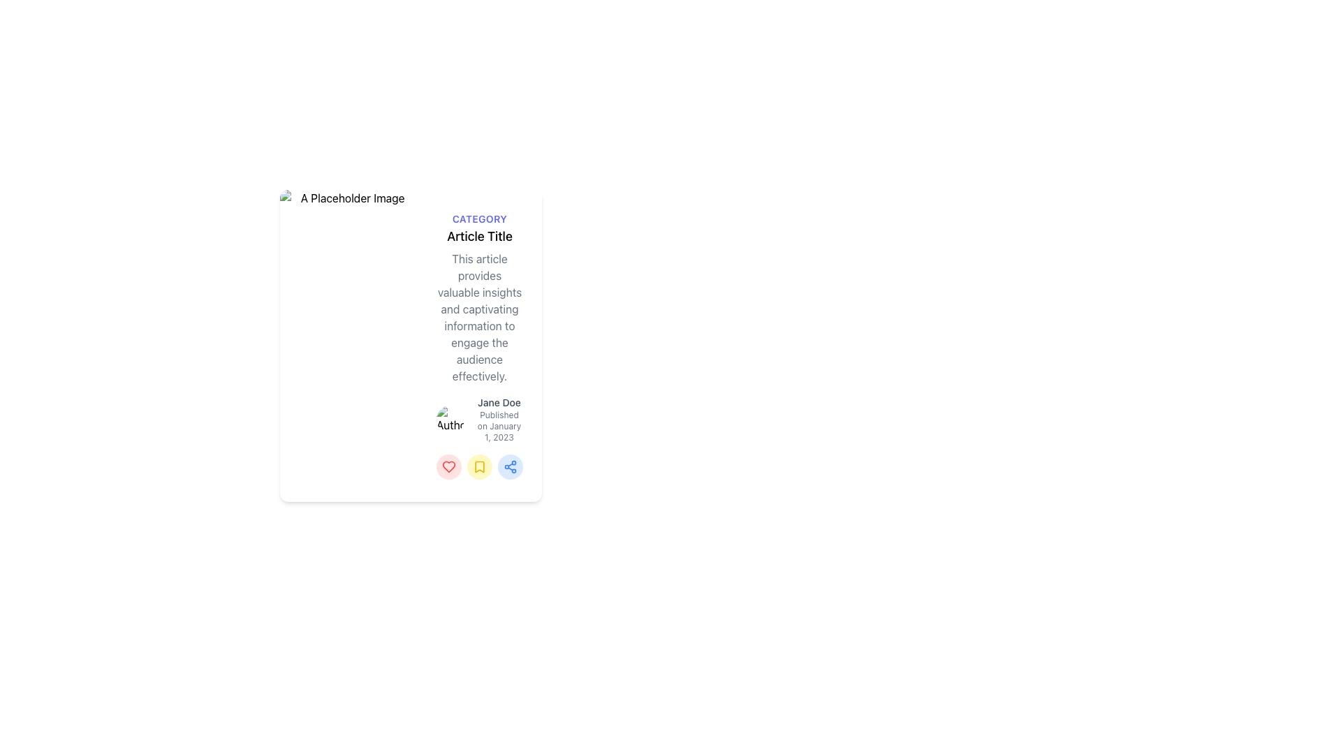 Image resolution: width=1341 pixels, height=754 pixels. I want to click on the bookmark button located in the bottom section of the card layout, positioned between the red heart button and the blue share button, so click(479, 466).